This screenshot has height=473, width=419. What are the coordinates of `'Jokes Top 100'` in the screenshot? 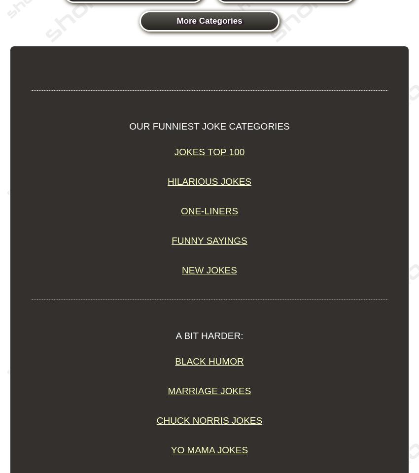 It's located at (209, 152).